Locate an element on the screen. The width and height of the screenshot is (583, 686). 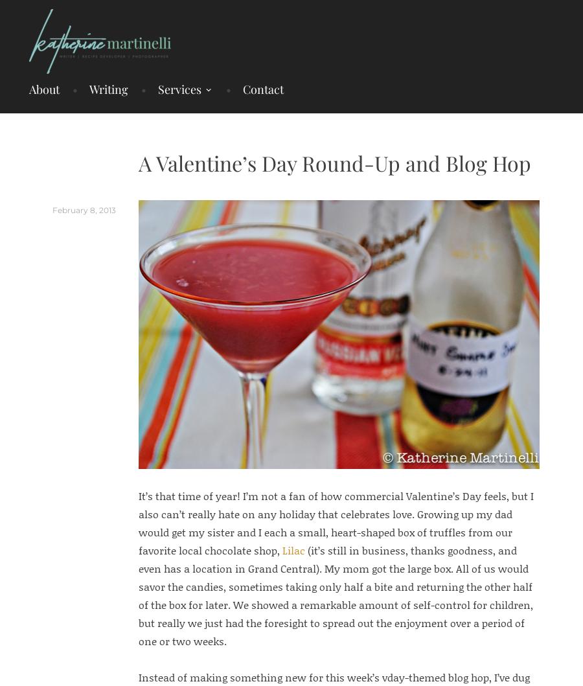
'Recipe Development' is located at coordinates (192, 131).